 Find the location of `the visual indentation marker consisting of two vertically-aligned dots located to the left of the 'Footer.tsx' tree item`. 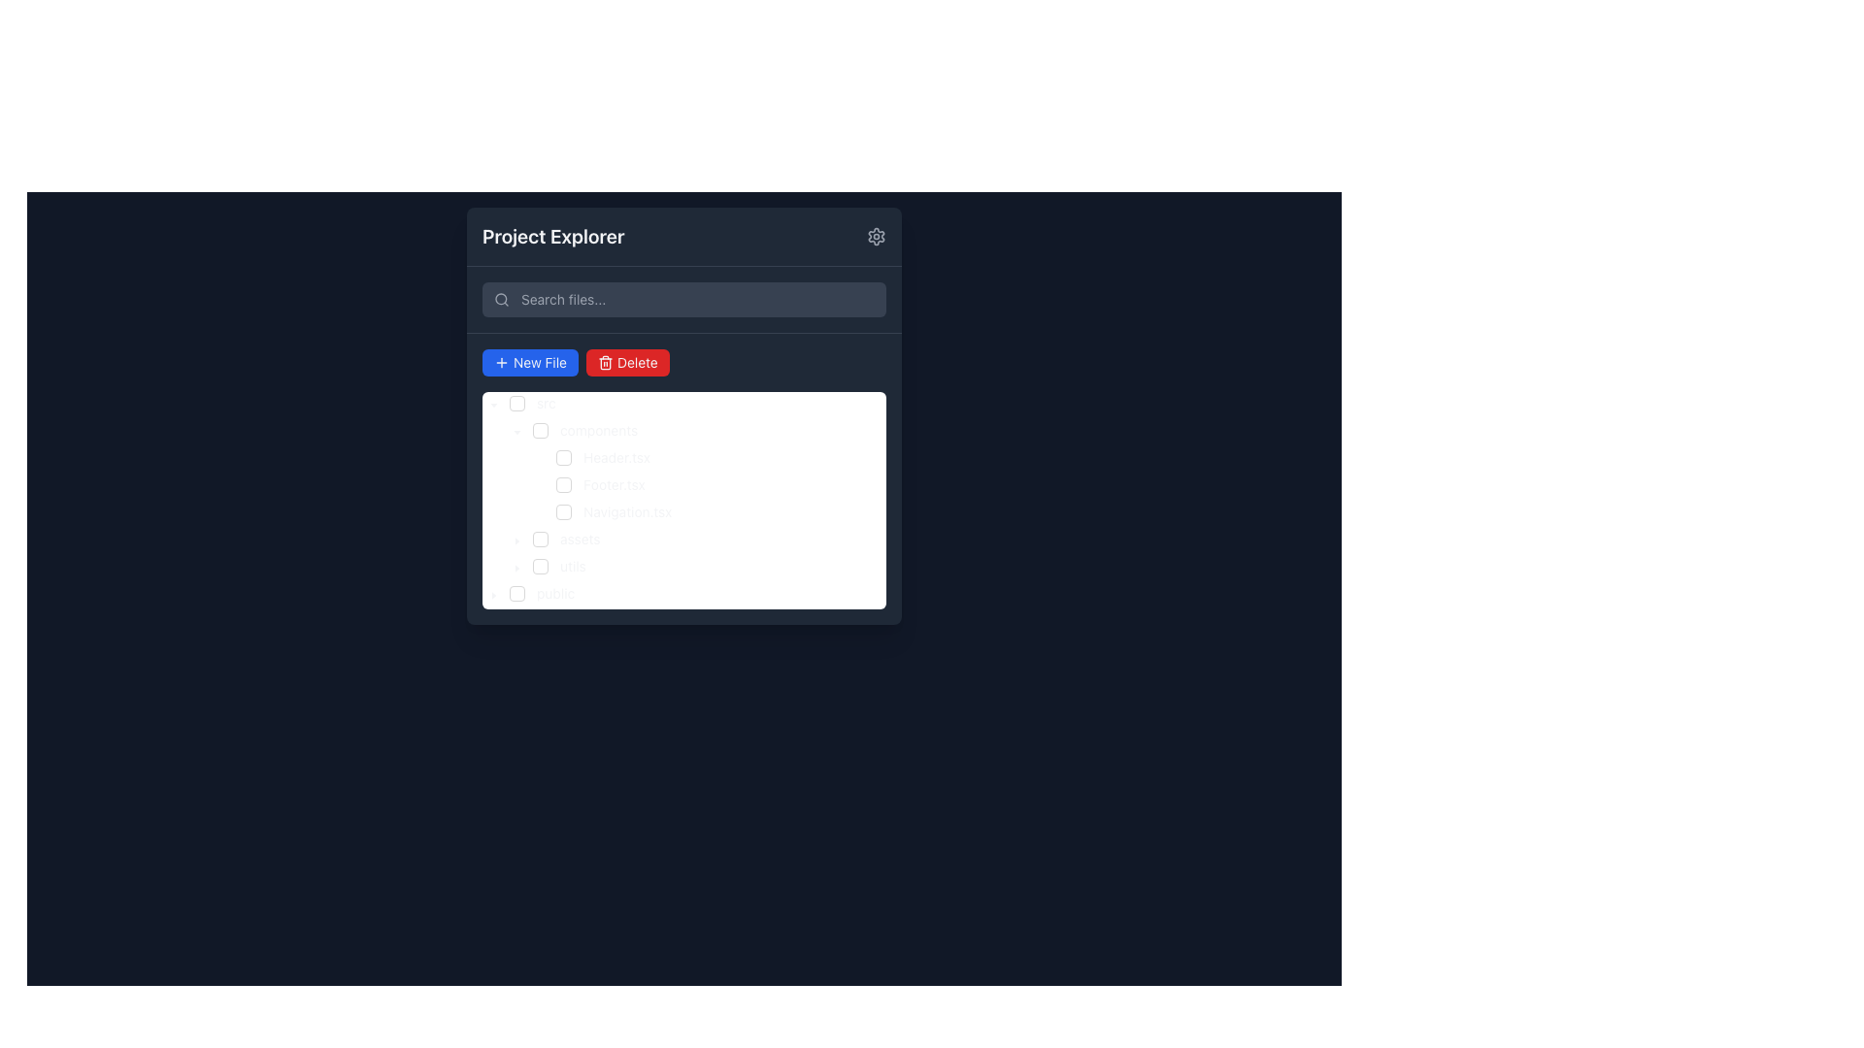

the visual indentation marker consisting of two vertically-aligned dots located to the left of the 'Footer.tsx' tree item is located at coordinates (506, 484).